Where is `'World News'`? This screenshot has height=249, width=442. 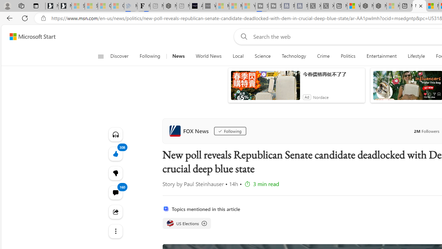
'World News' is located at coordinates (208, 56).